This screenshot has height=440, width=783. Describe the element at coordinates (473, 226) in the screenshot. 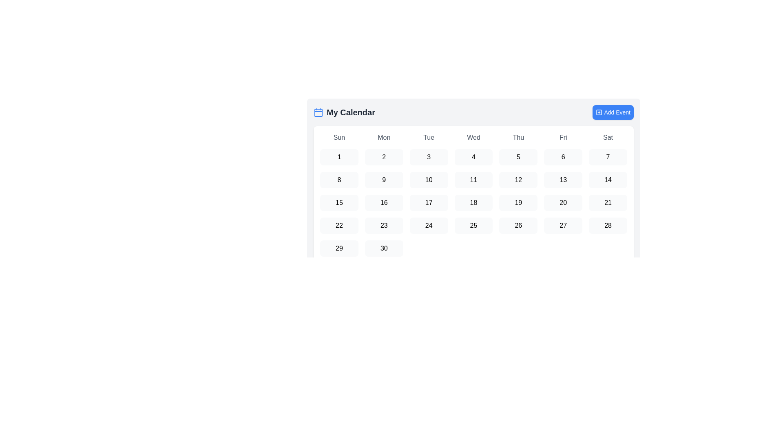

I see `the button-like clickable calendar date item representing the date '25' located in the fifth row and fourth column under the 'Wed' header` at that location.